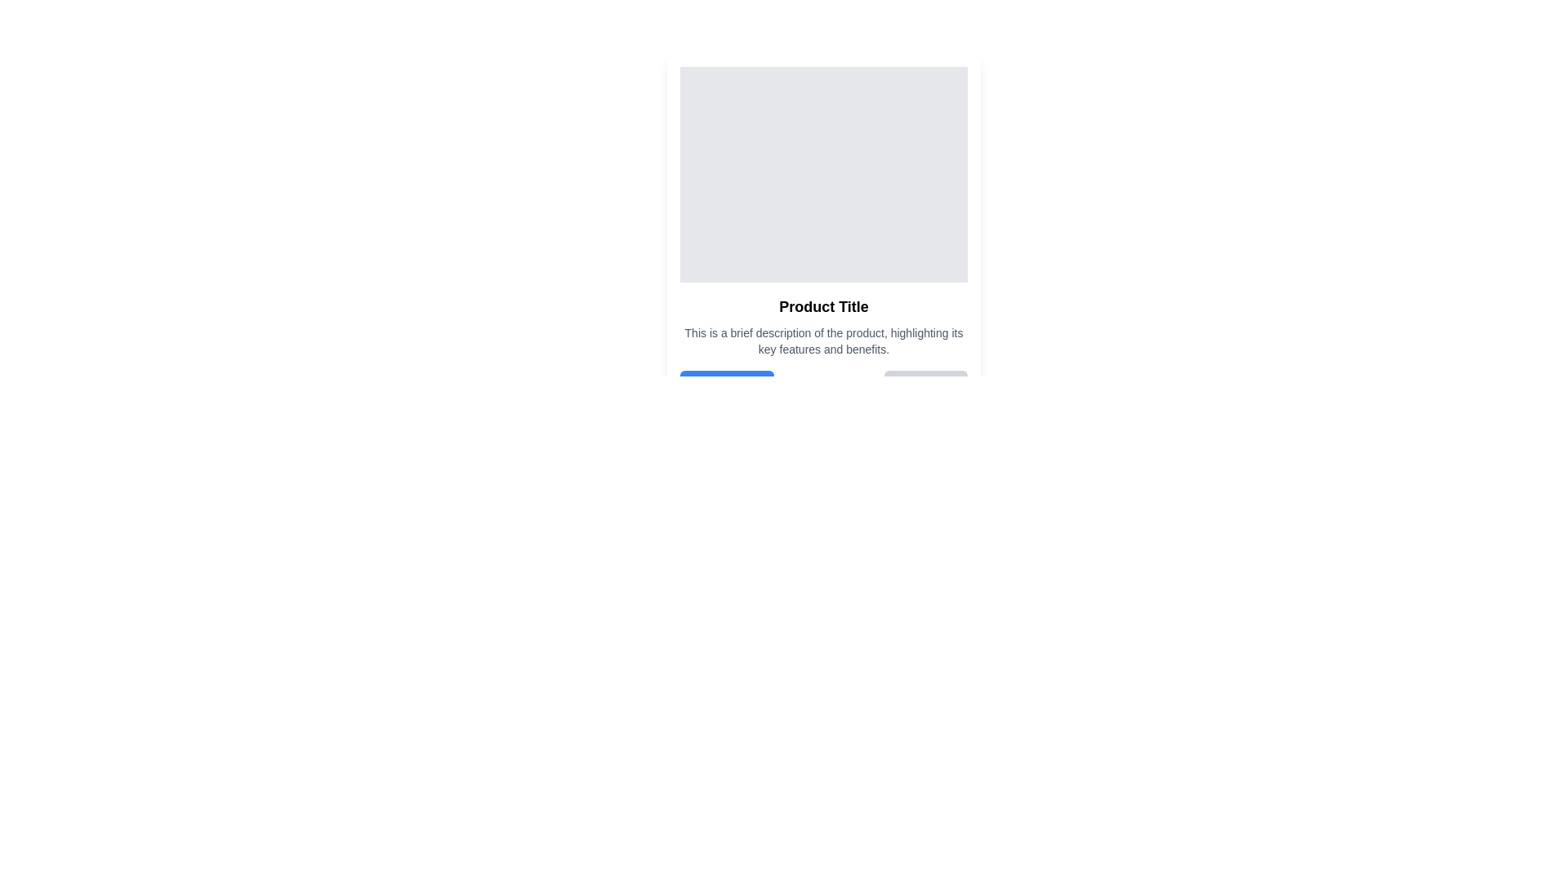 This screenshot has width=1568, height=882. Describe the element at coordinates (726, 385) in the screenshot. I see `the 'Download' button, which is a rounded rectangular button with a blue background and white text, located below the product description` at that location.